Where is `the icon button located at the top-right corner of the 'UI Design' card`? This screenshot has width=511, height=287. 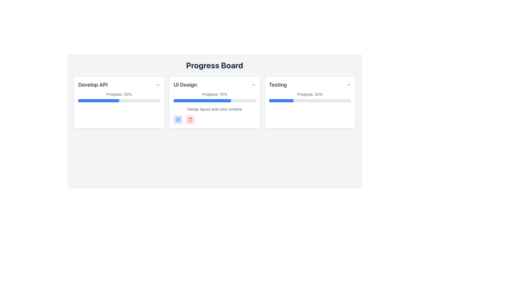
the icon button located at the top-right corner of the 'UI Design' card is located at coordinates (253, 85).